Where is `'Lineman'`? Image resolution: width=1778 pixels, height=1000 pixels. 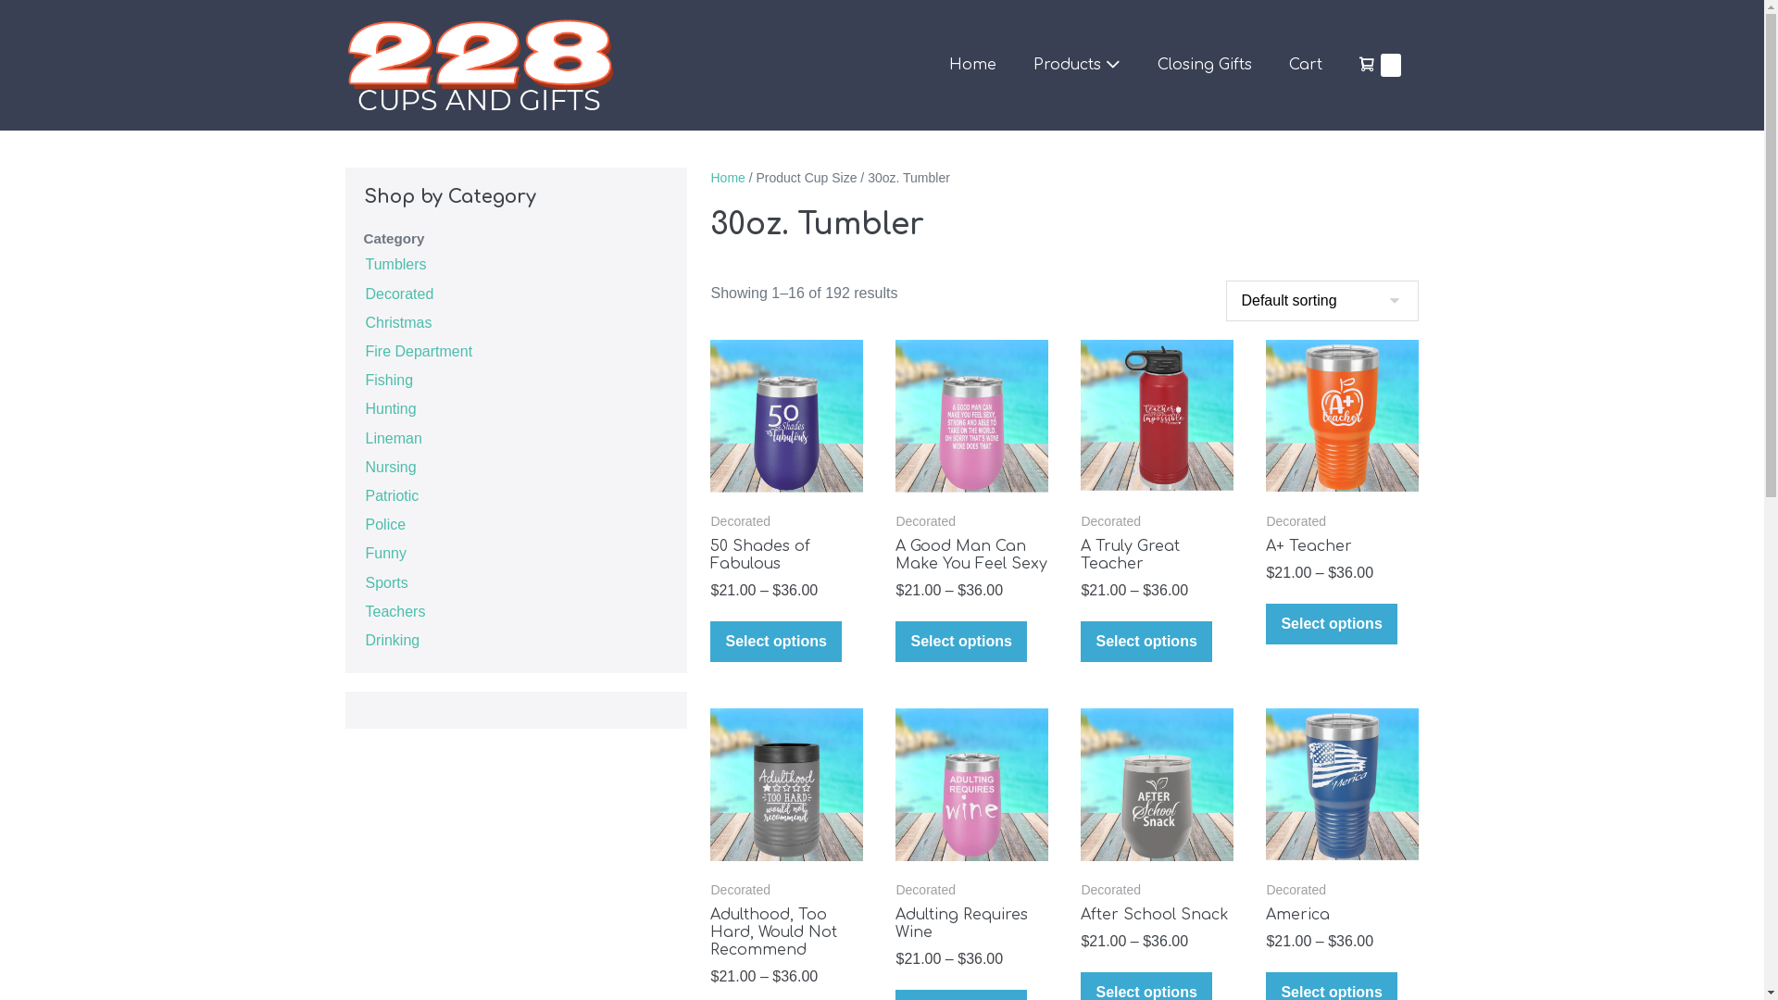 'Lineman' is located at coordinates (392, 436).